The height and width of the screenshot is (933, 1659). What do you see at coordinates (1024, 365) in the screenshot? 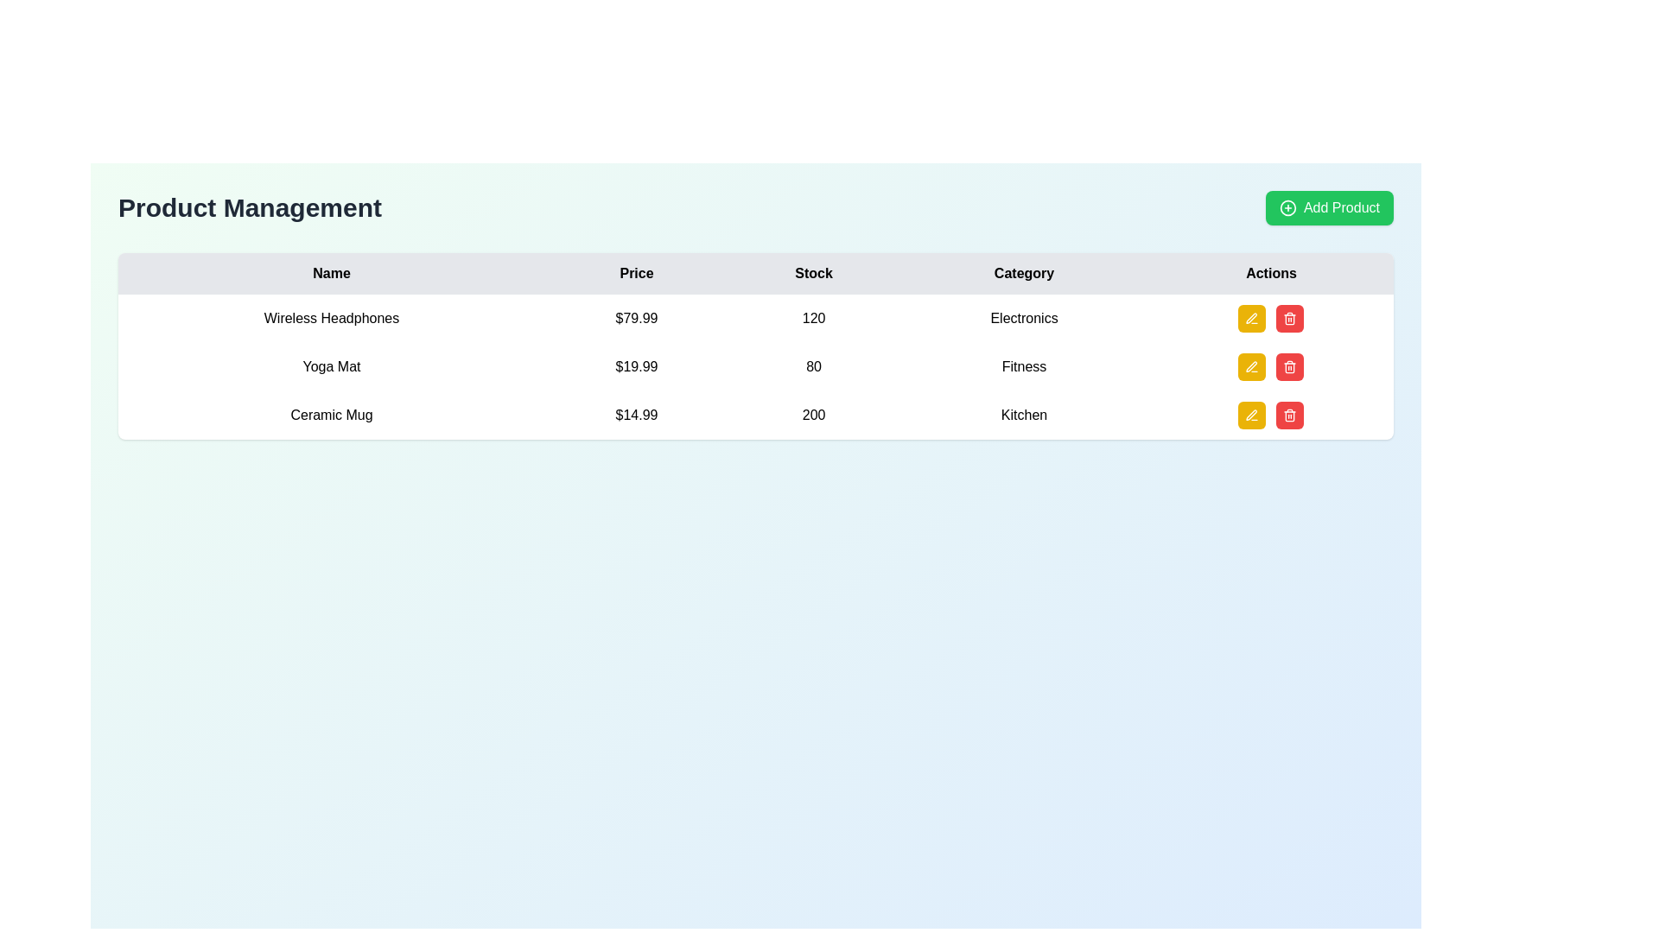
I see `the 'Fitness' text label indicating the category associated with the item 'Yoga Mat' in the second row of the table` at bounding box center [1024, 365].